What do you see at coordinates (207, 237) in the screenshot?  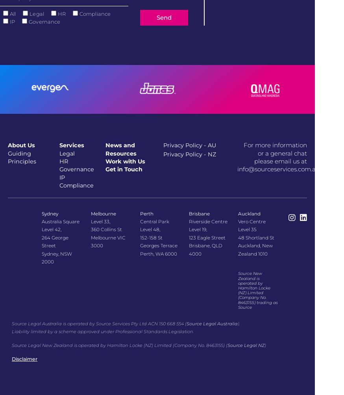 I see `'123 Eagle Street'` at bounding box center [207, 237].